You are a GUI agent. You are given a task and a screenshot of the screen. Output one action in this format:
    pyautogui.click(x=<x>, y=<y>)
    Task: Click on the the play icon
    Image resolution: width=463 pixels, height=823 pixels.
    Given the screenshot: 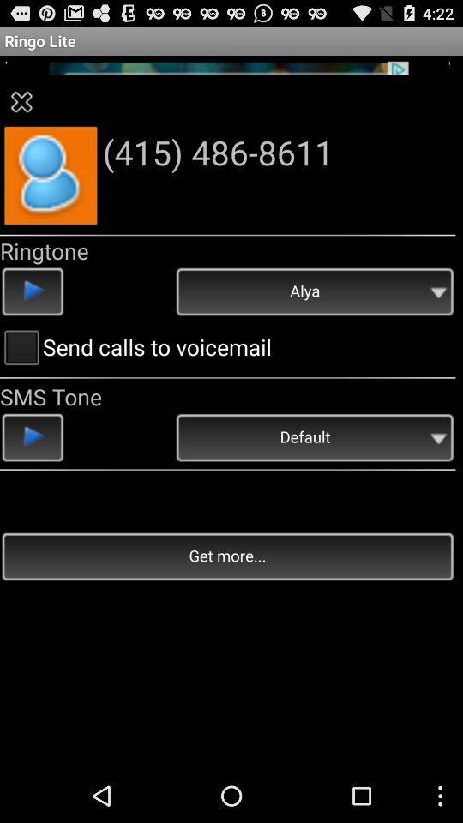 What is the action you would take?
    pyautogui.click(x=33, y=469)
    